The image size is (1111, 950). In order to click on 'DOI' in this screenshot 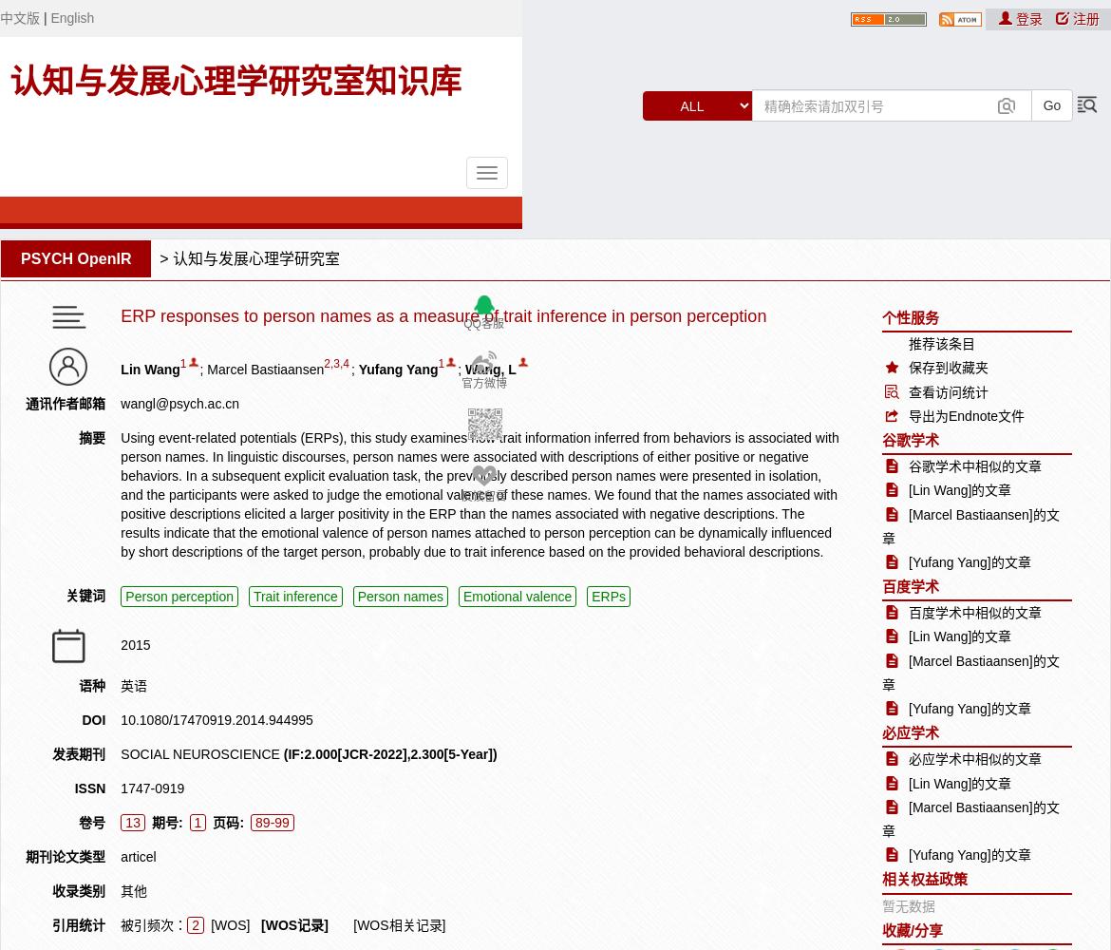, I will do `click(93, 719)`.